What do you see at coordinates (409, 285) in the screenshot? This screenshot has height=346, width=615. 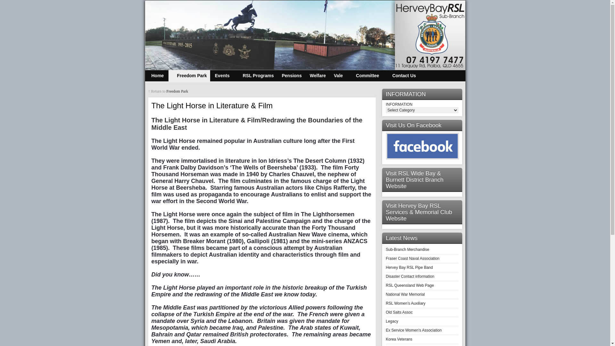 I see `'RSL Queensland Web Page'` at bounding box center [409, 285].